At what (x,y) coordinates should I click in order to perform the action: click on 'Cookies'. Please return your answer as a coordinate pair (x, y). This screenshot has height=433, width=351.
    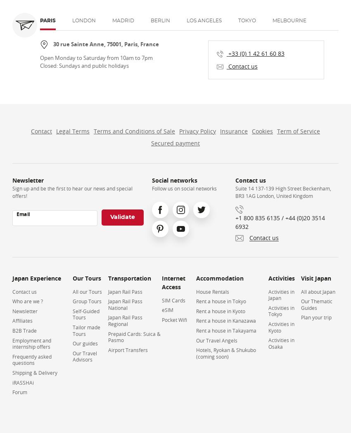
    Looking at the image, I should click on (251, 131).